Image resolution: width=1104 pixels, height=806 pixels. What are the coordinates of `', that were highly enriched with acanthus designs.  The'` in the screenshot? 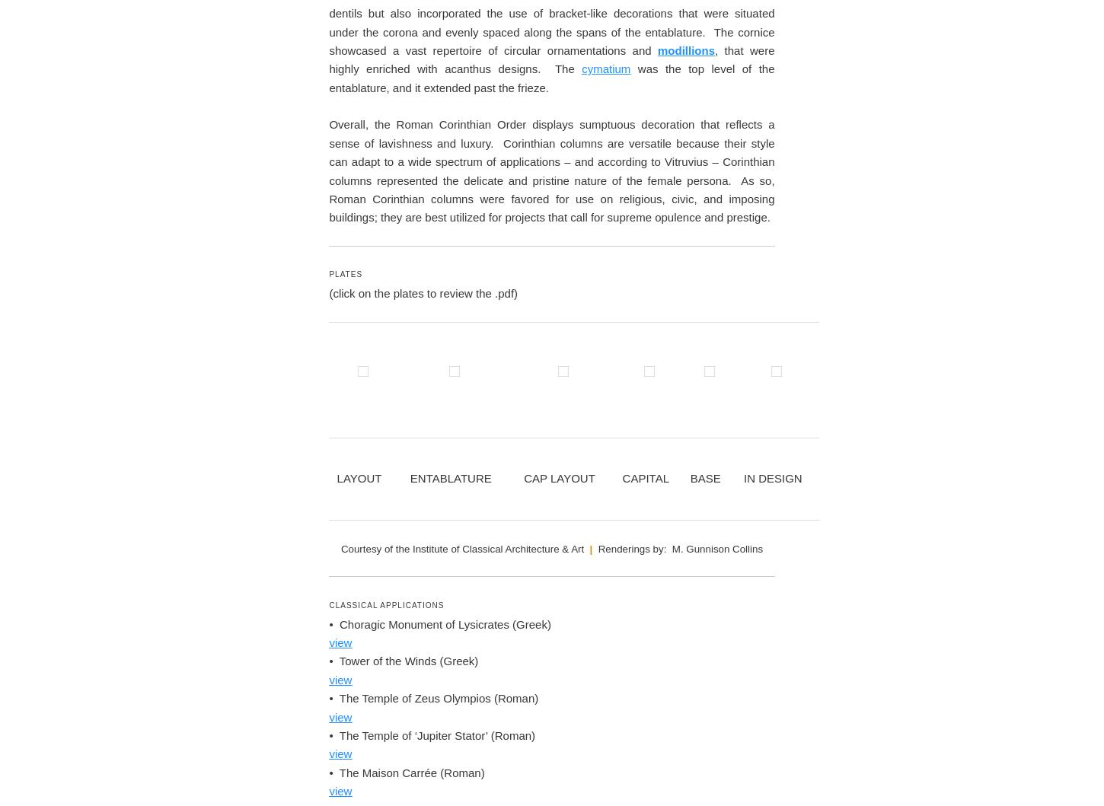 It's located at (550, 532).